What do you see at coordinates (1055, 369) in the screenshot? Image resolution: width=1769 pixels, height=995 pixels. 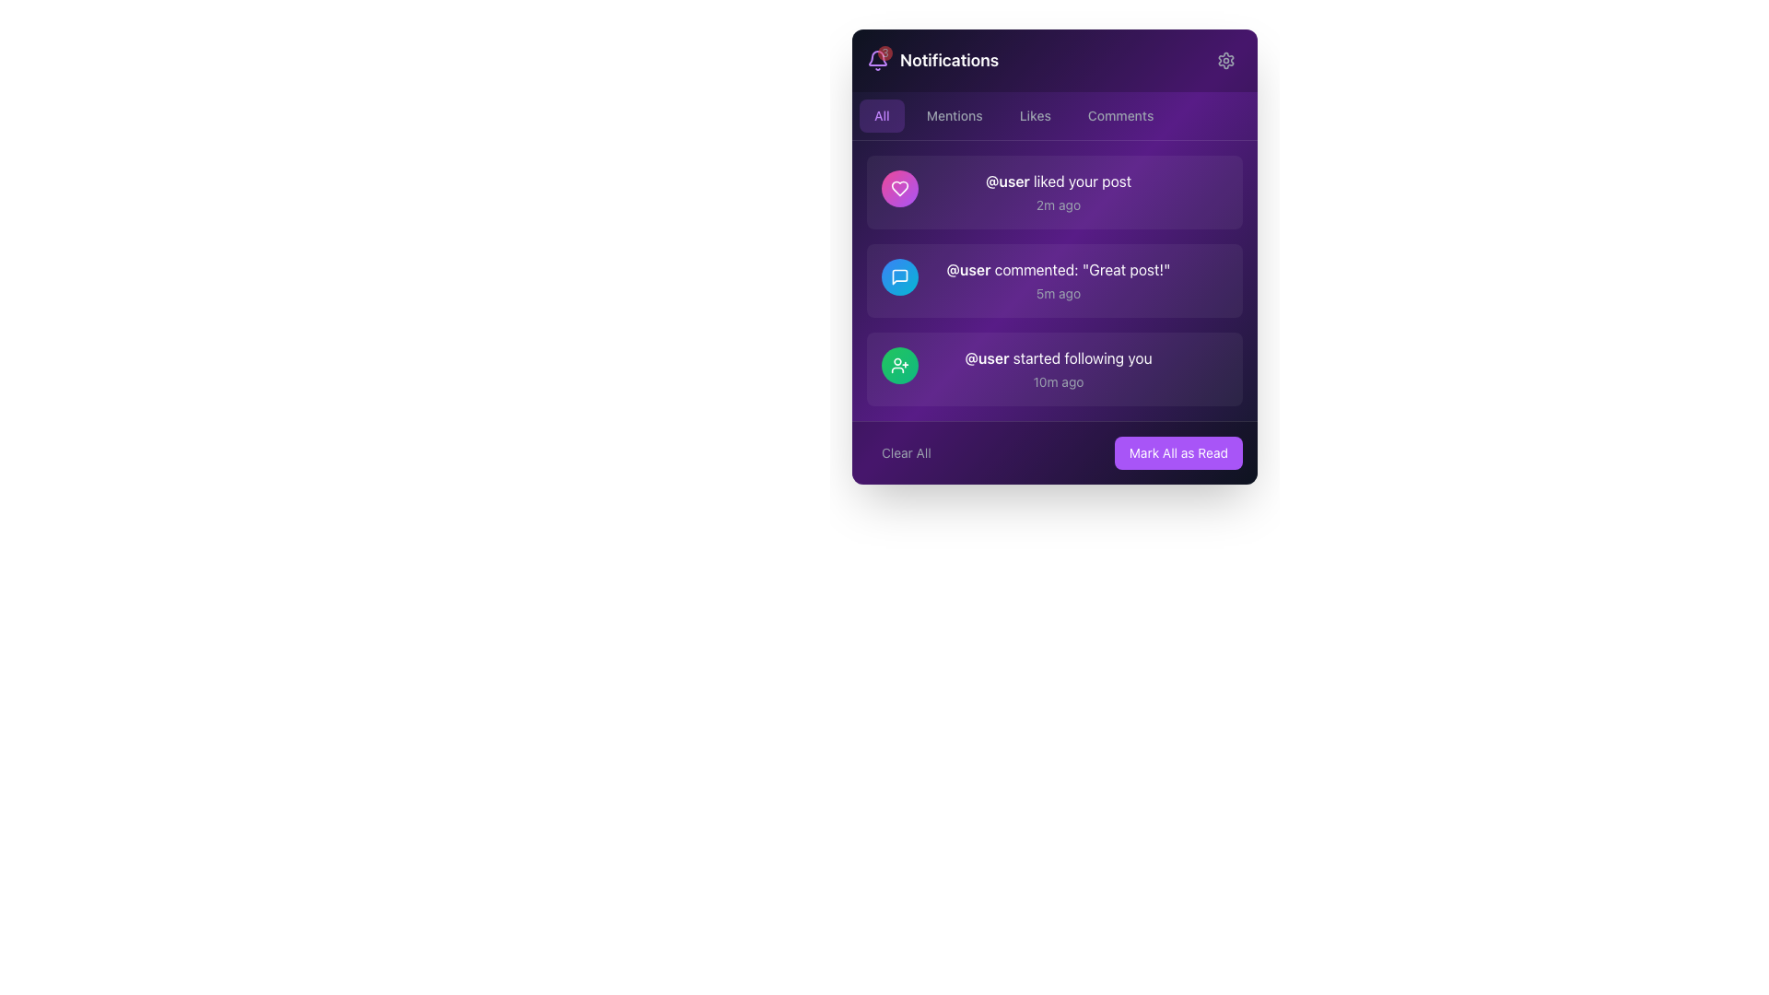 I see `the '@user' text in the notification card that indicates '@user started following you', which features a green circular icon with a plus sign and user silhouette on the left` at bounding box center [1055, 369].